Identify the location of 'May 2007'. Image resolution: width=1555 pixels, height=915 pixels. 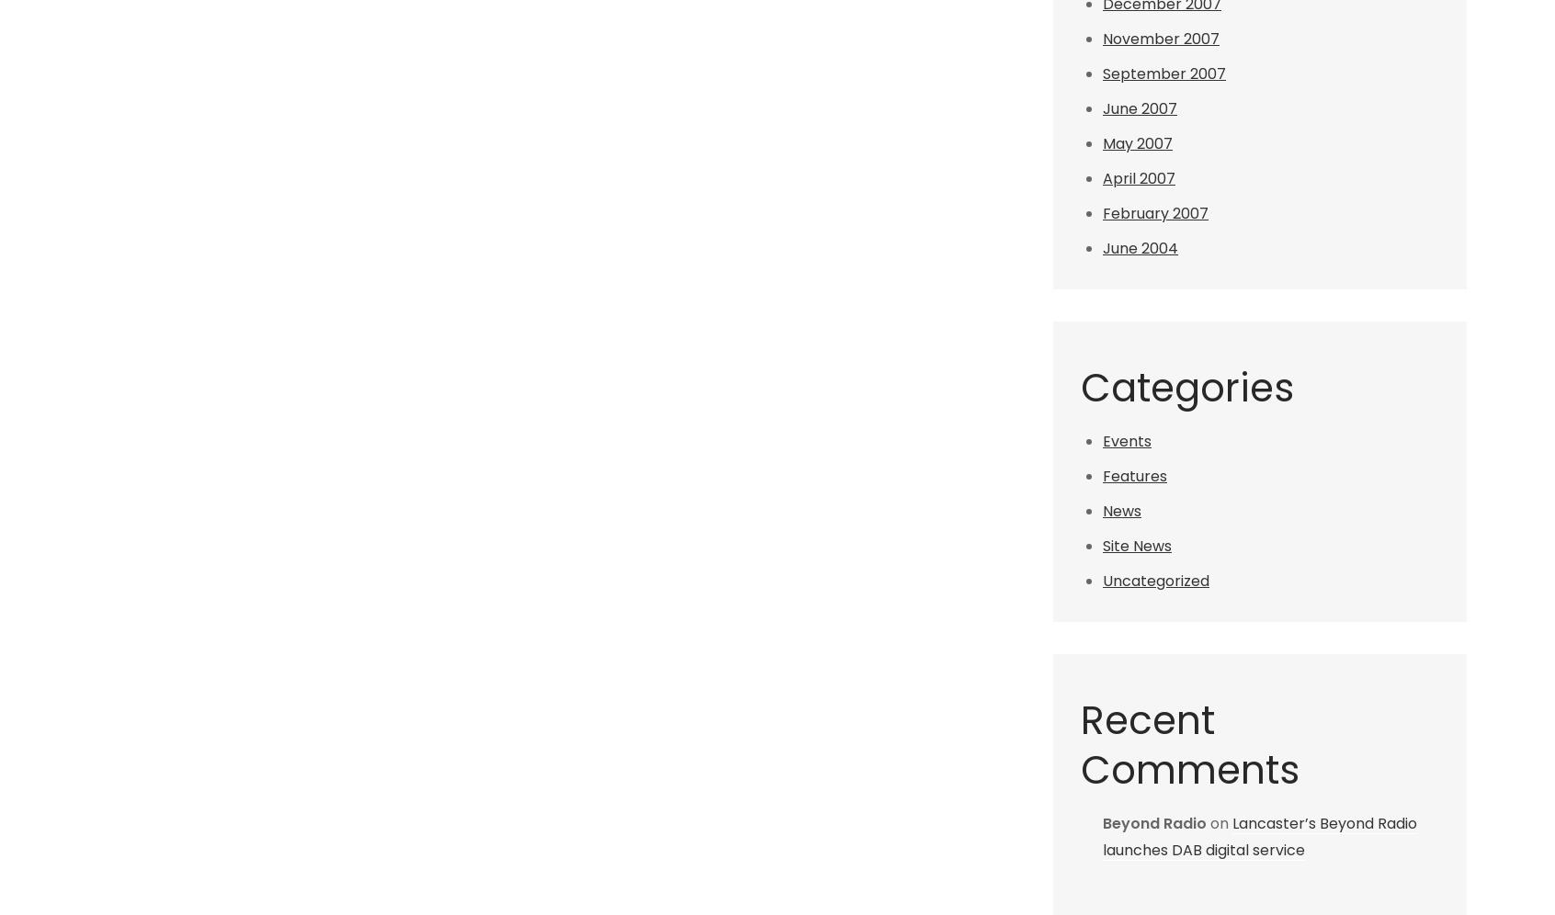
(1138, 142).